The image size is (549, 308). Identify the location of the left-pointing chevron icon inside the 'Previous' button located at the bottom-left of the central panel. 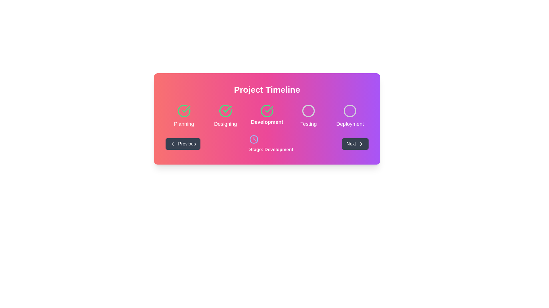
(172, 144).